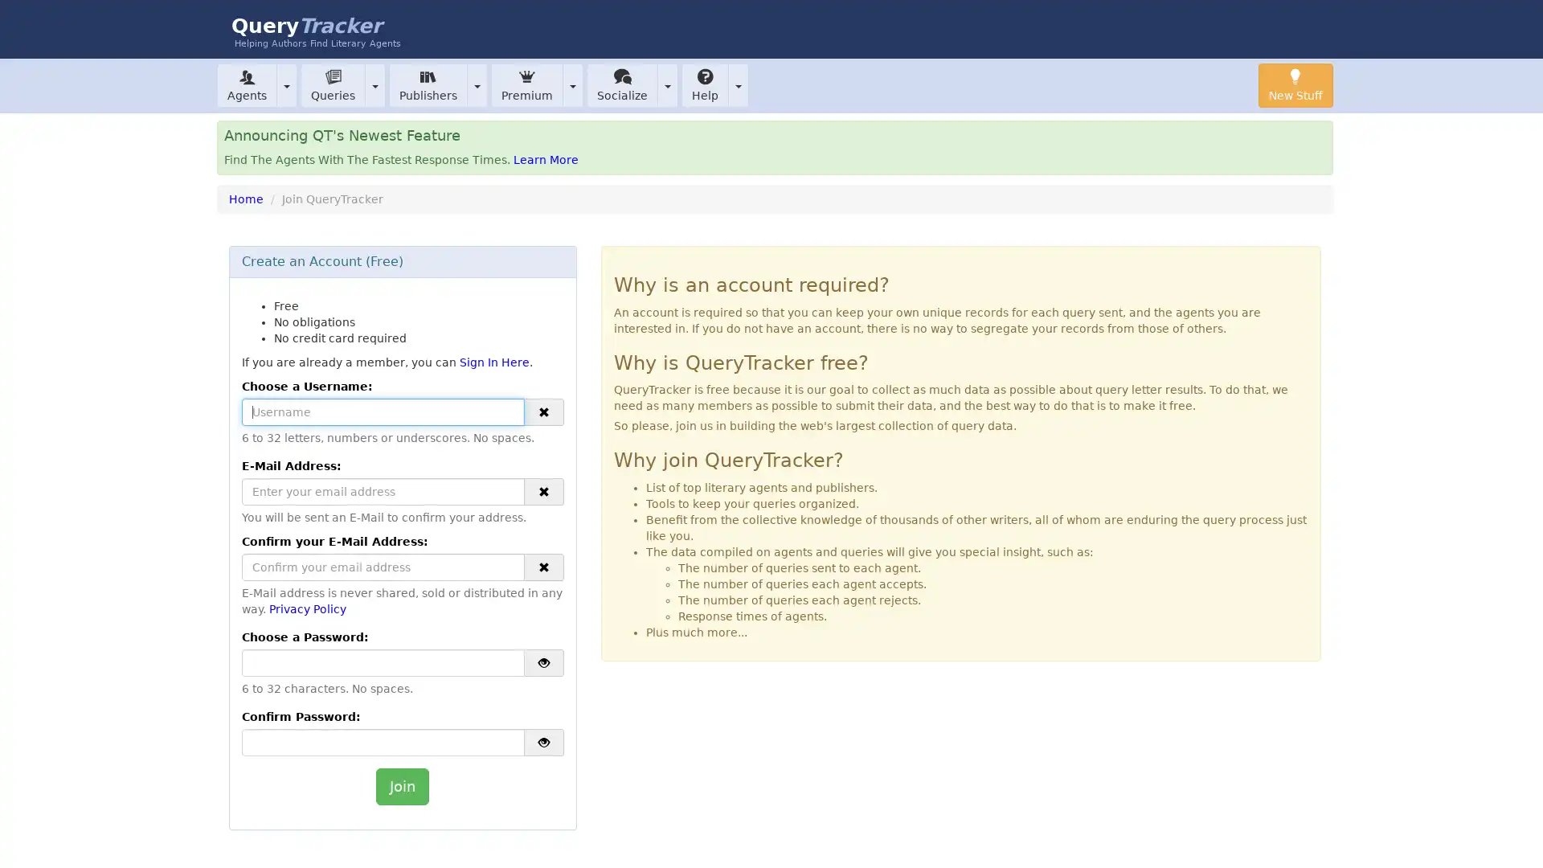  What do you see at coordinates (737, 85) in the screenshot?
I see `Toggle Dropdown` at bounding box center [737, 85].